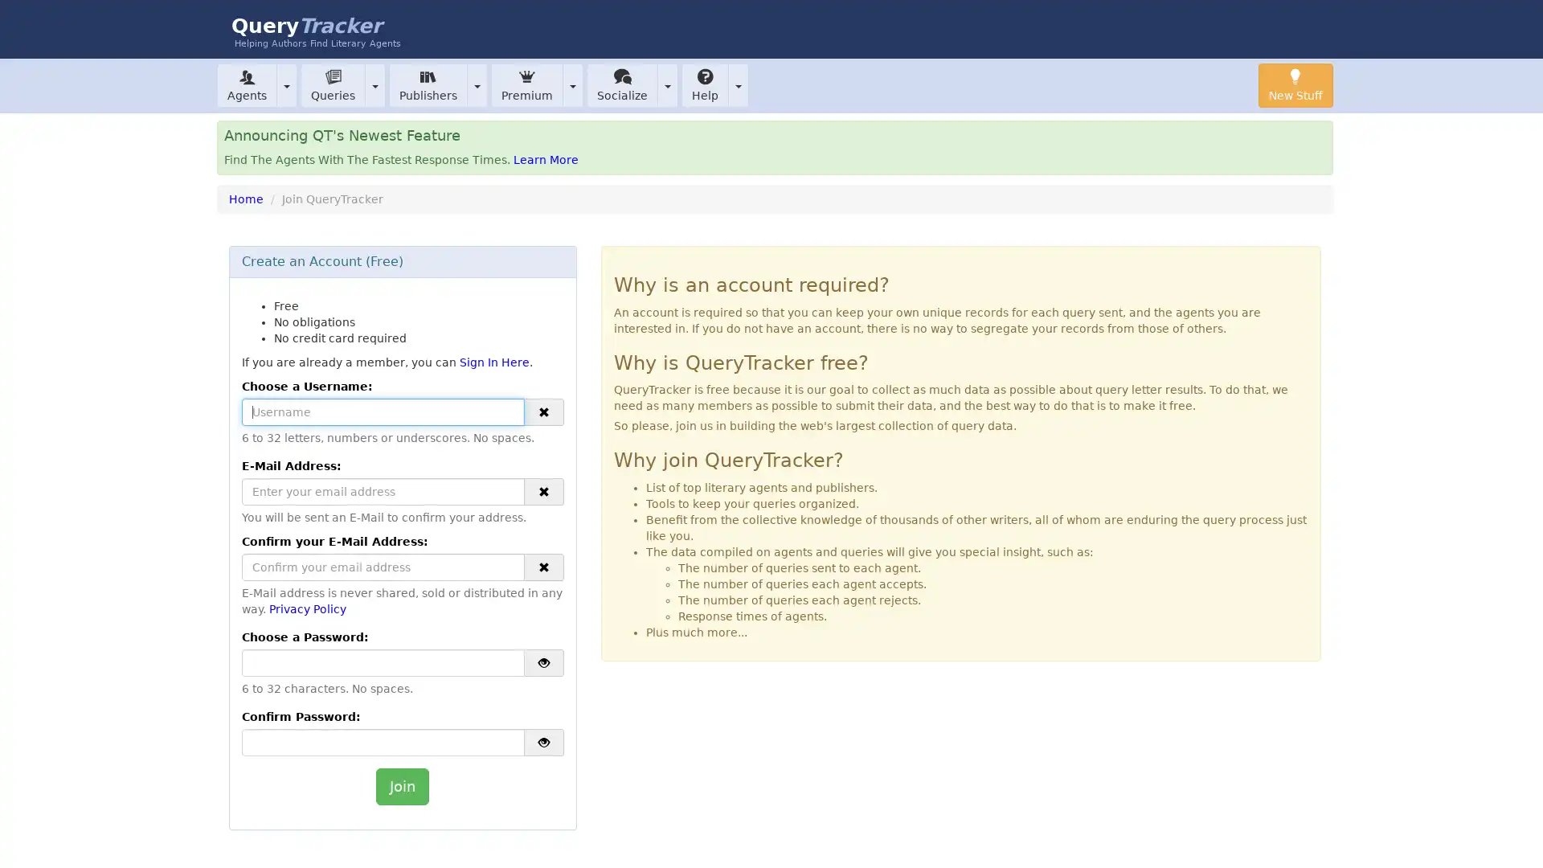  What do you see at coordinates (737, 85) in the screenshot?
I see `Toggle Dropdown` at bounding box center [737, 85].